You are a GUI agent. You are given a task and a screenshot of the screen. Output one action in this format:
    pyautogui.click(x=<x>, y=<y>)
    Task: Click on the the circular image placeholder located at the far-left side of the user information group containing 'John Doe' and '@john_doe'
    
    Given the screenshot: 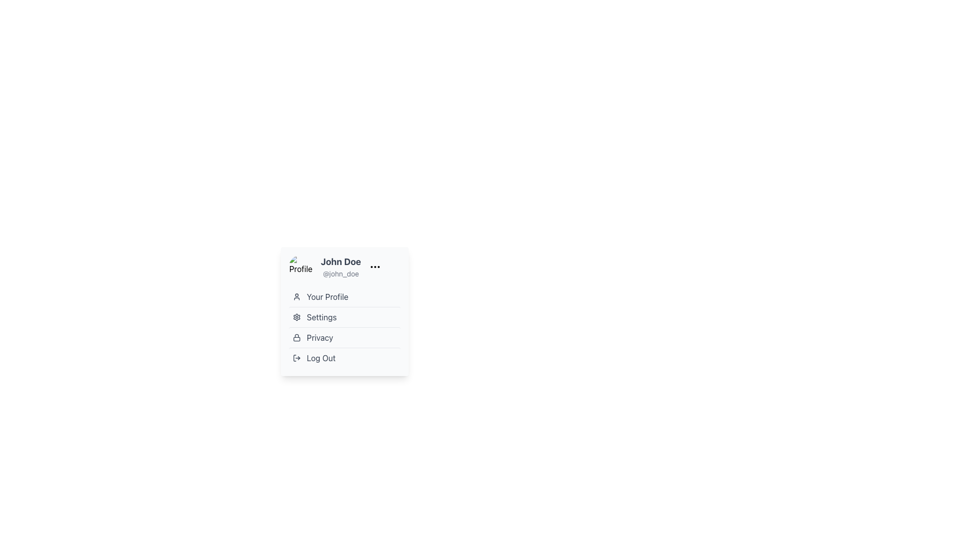 What is the action you would take?
    pyautogui.click(x=300, y=267)
    